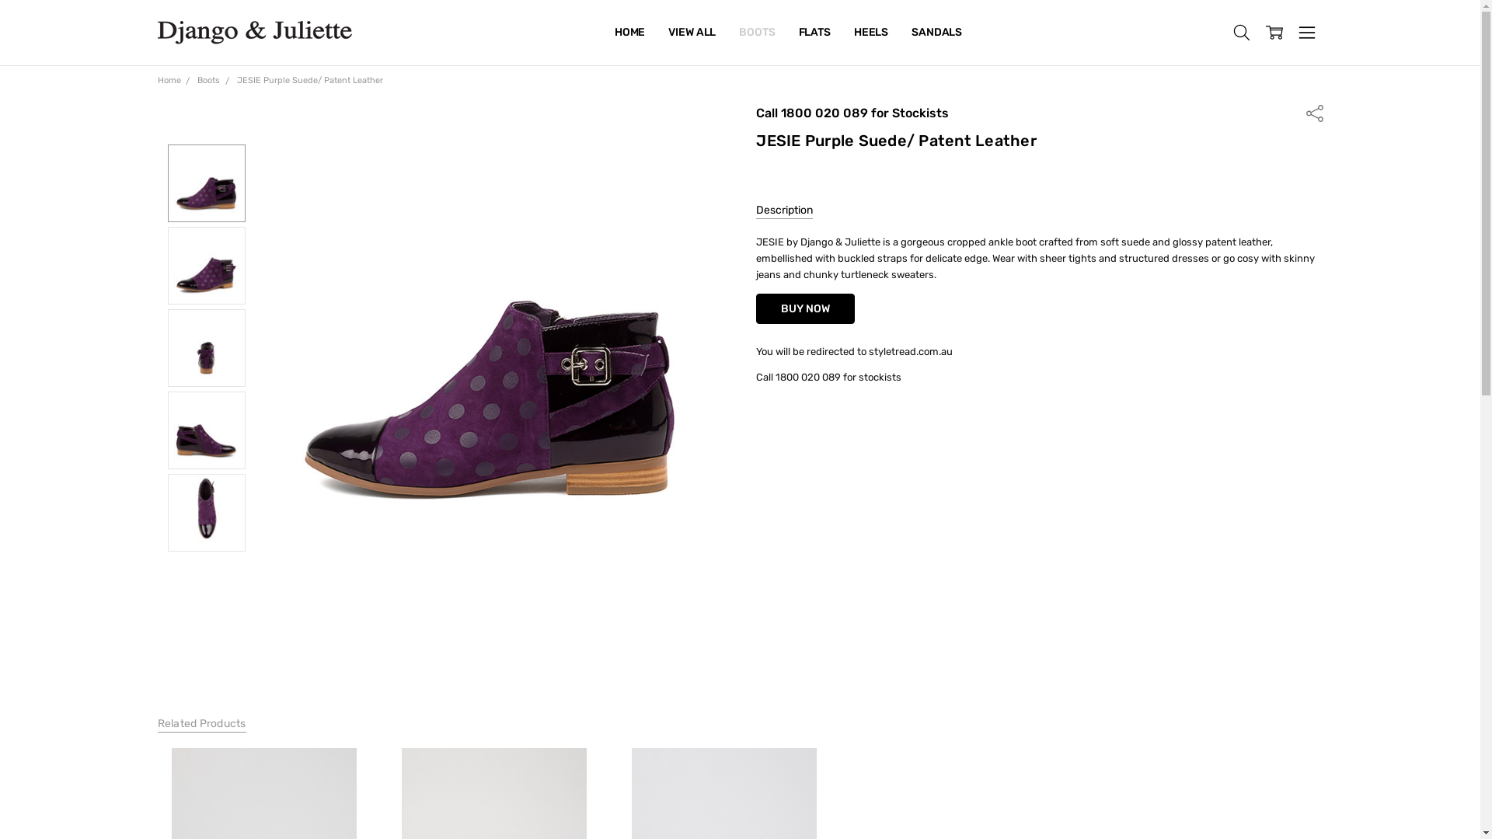 The height and width of the screenshot is (839, 1492). I want to click on 'VIEW ALL', so click(656, 33).